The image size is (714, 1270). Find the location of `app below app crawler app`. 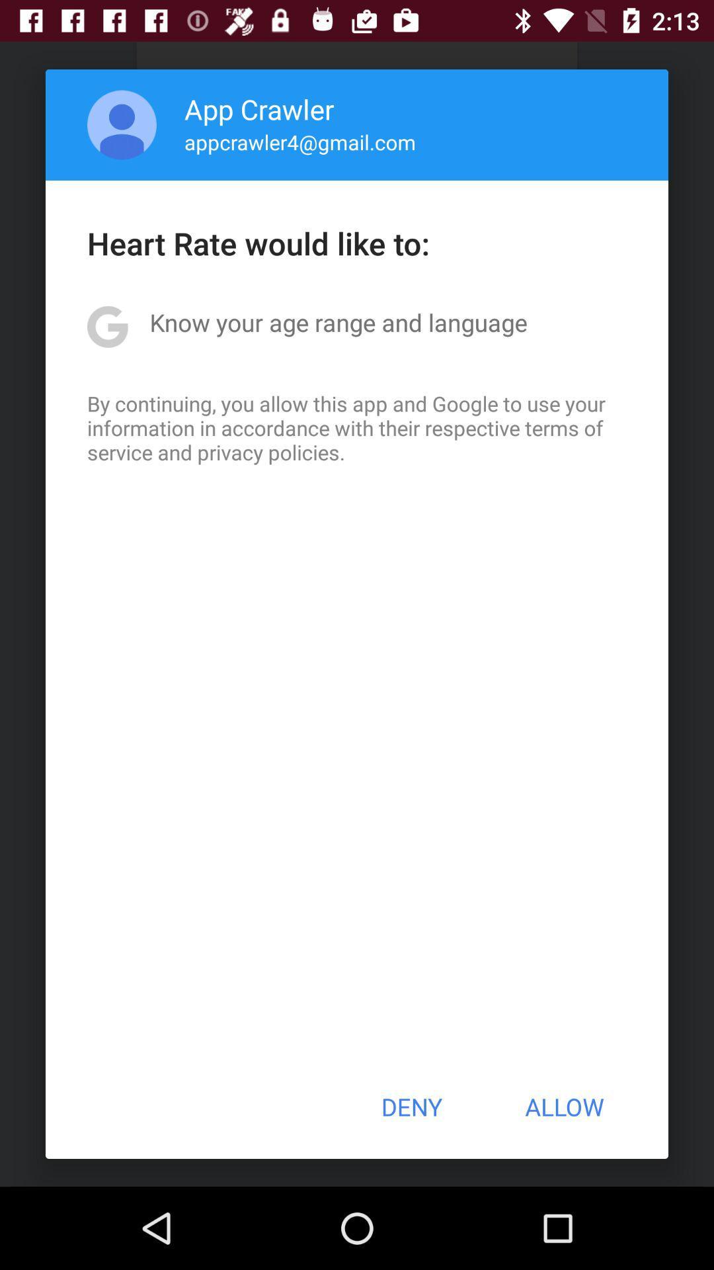

app below app crawler app is located at coordinates (300, 142).